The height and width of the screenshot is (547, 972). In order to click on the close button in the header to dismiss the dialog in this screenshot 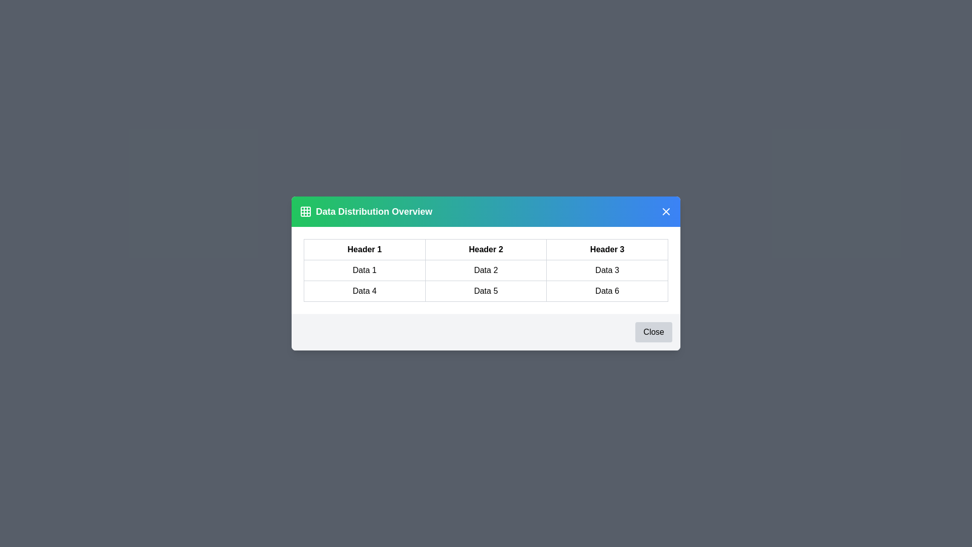, I will do `click(666, 211)`.